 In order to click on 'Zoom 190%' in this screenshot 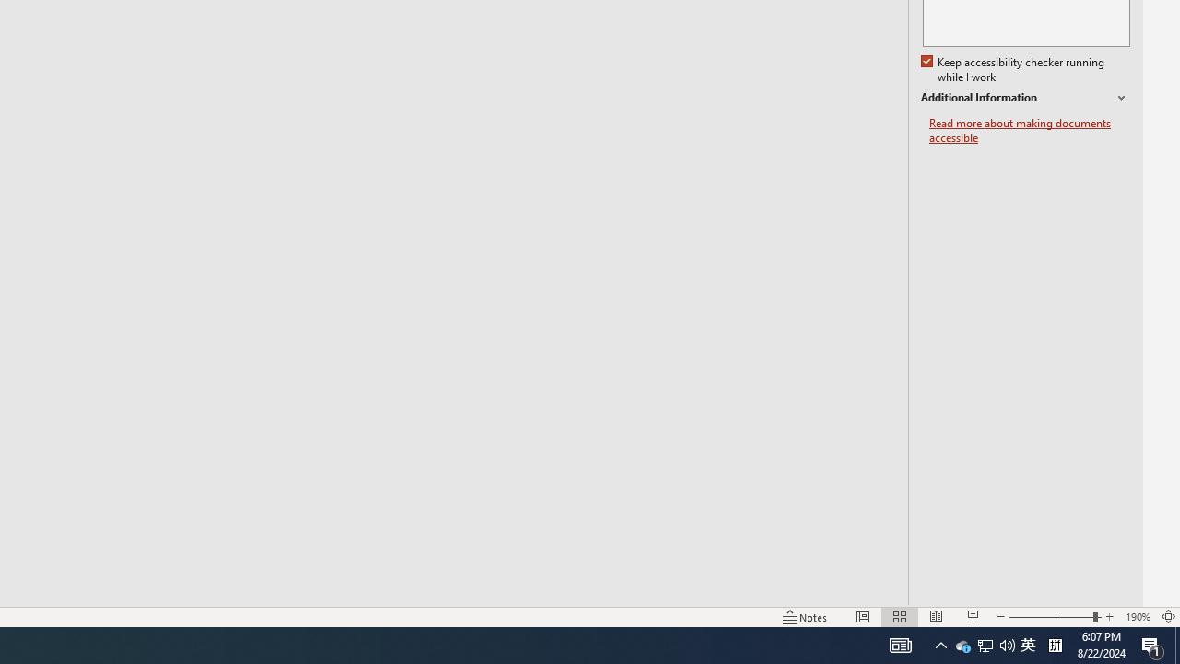, I will do `click(1137, 617)`.